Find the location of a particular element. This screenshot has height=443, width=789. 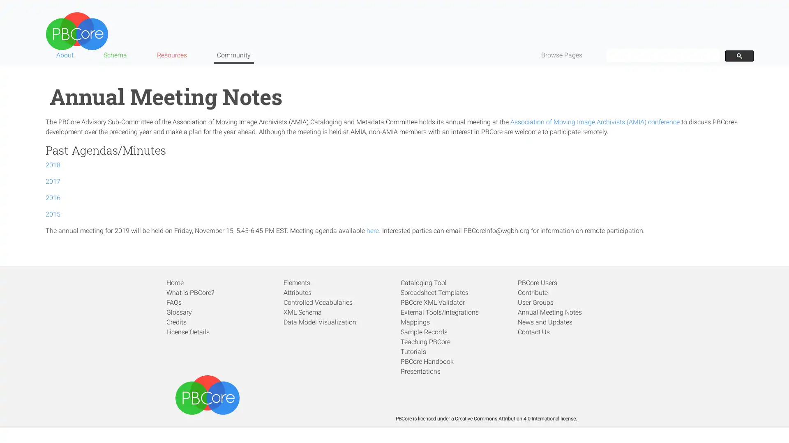

search is located at coordinates (739, 55).